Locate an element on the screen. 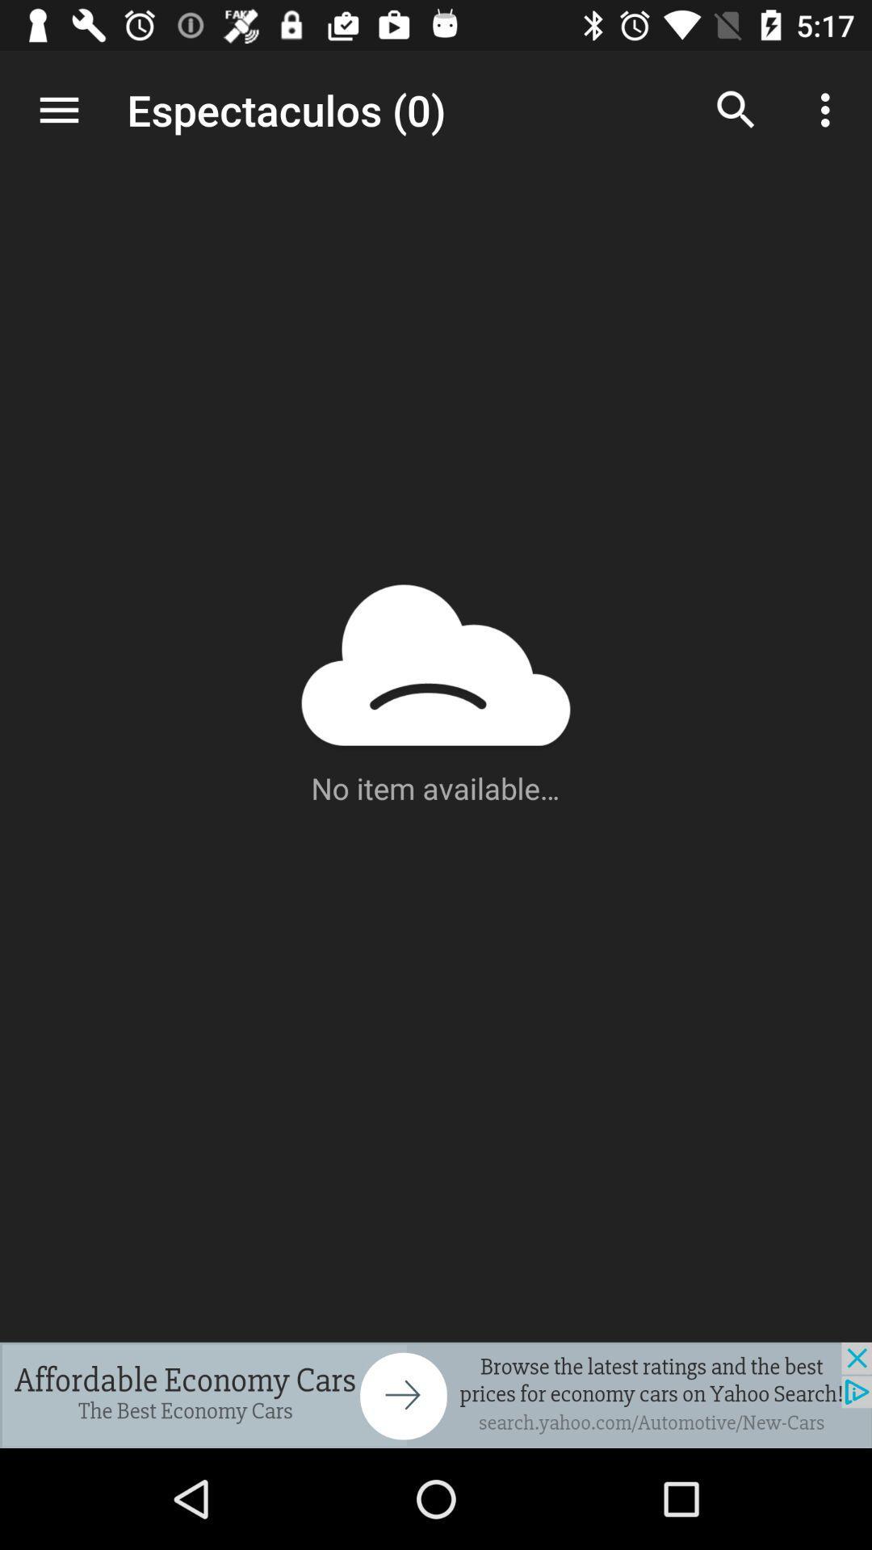 This screenshot has width=872, height=1550. advertisement website is located at coordinates (436, 1394).